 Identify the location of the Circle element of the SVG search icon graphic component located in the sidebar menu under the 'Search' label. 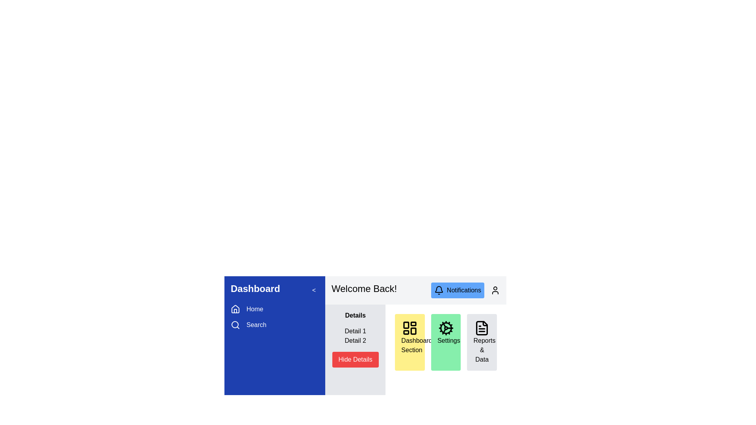
(234, 325).